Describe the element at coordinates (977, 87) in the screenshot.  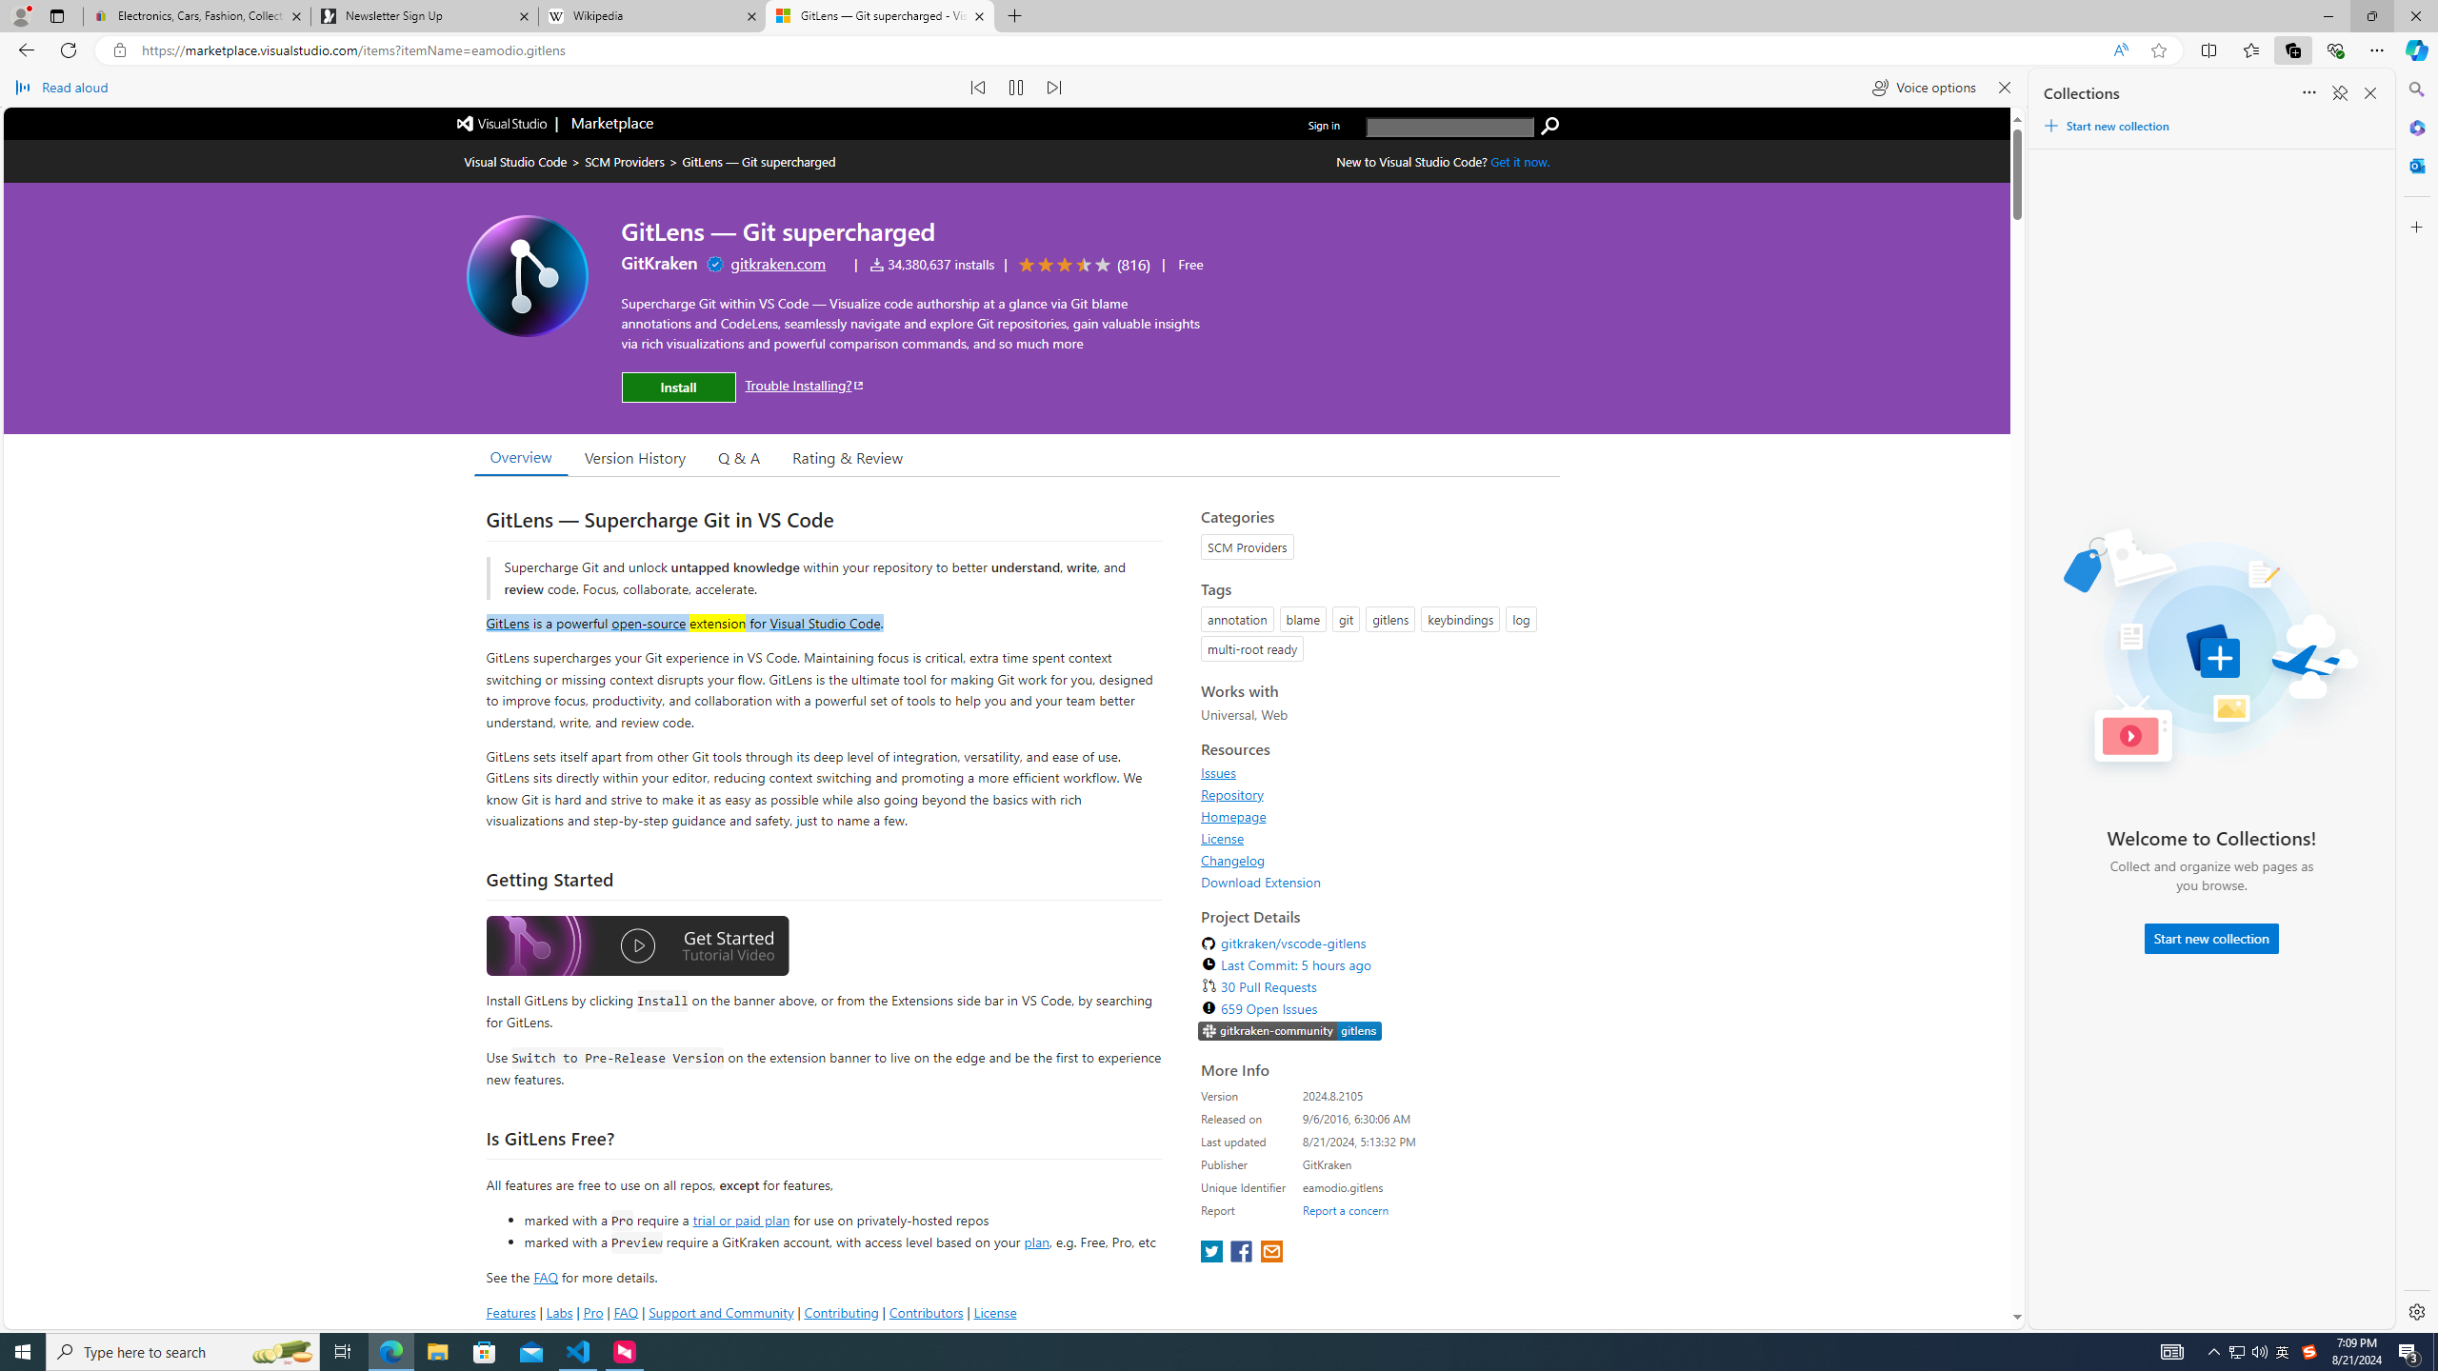
I see `'Read previous paragraph'` at that location.